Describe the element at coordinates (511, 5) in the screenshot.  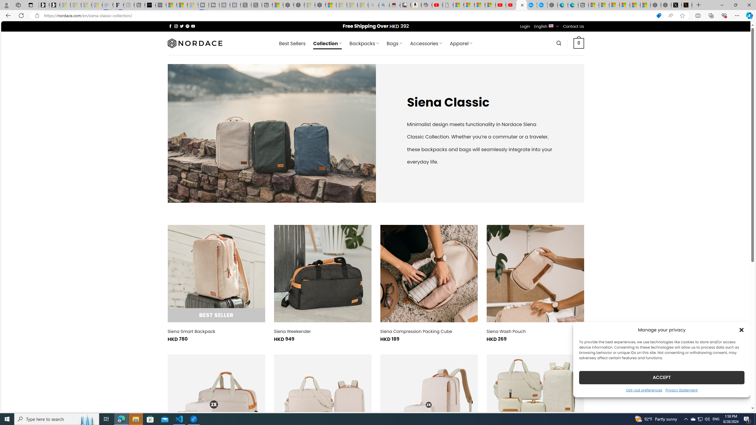
I see `'YouTube Kids - An App Created for Kids to Explore Content'` at that location.